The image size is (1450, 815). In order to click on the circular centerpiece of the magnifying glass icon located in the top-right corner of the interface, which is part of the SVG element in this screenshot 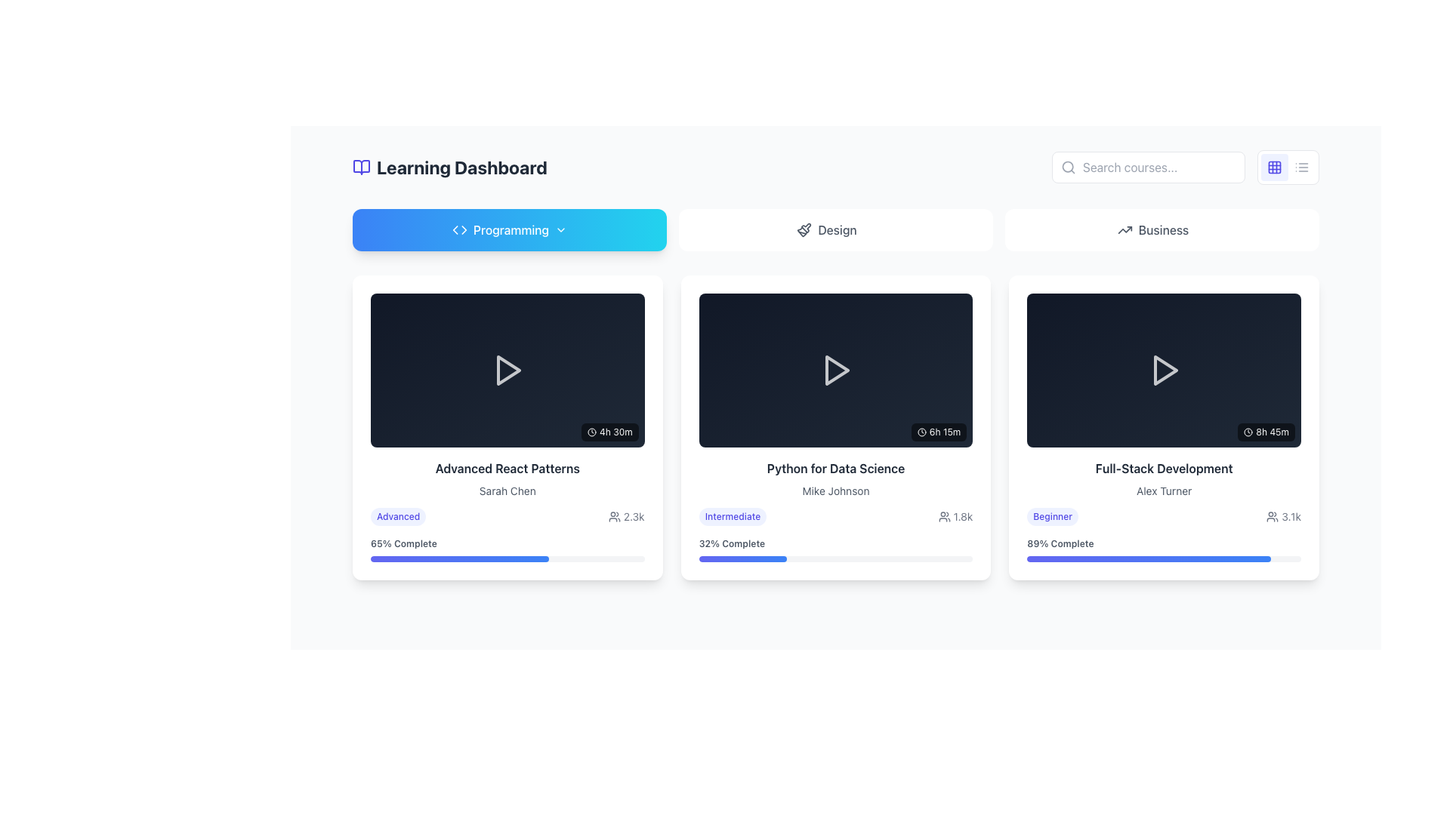, I will do `click(1067, 167)`.